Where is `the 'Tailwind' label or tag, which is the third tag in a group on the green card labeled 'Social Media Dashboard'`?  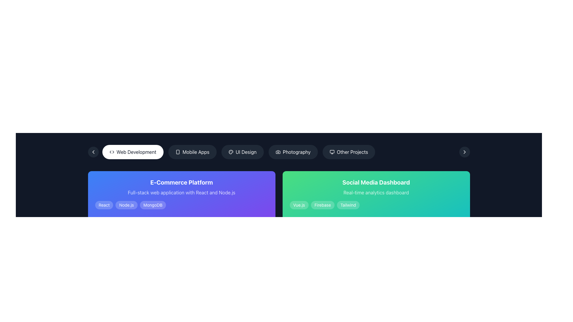 the 'Tailwind' label or tag, which is the third tag in a group on the green card labeled 'Social Media Dashboard' is located at coordinates (348, 205).